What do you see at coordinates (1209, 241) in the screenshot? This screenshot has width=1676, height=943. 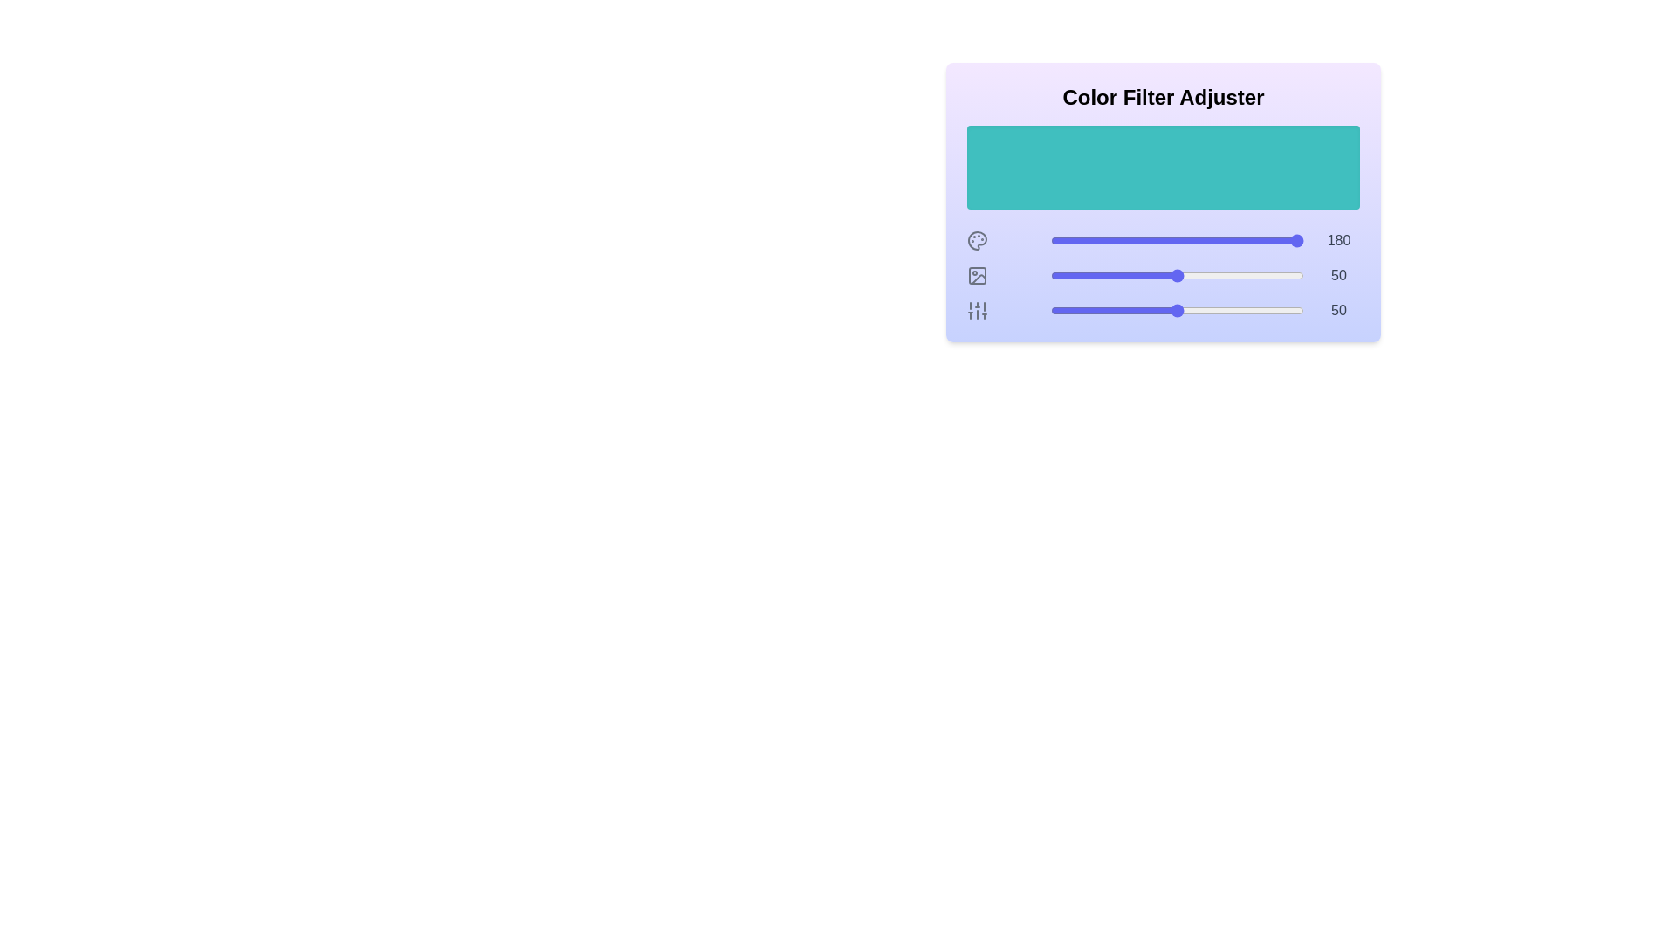 I see `the 0 slider to 63 to observe the color preview area` at bounding box center [1209, 241].